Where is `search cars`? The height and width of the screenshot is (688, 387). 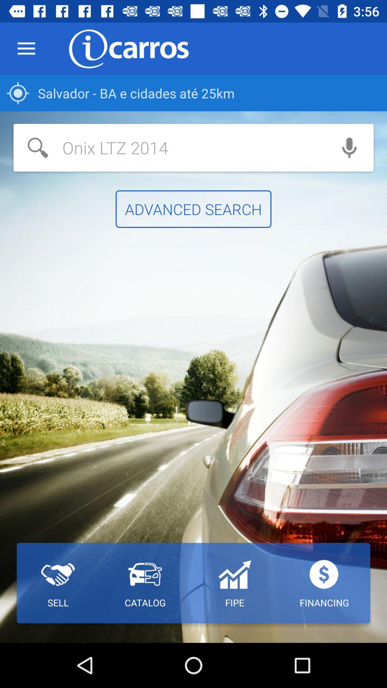 search cars is located at coordinates (169, 147).